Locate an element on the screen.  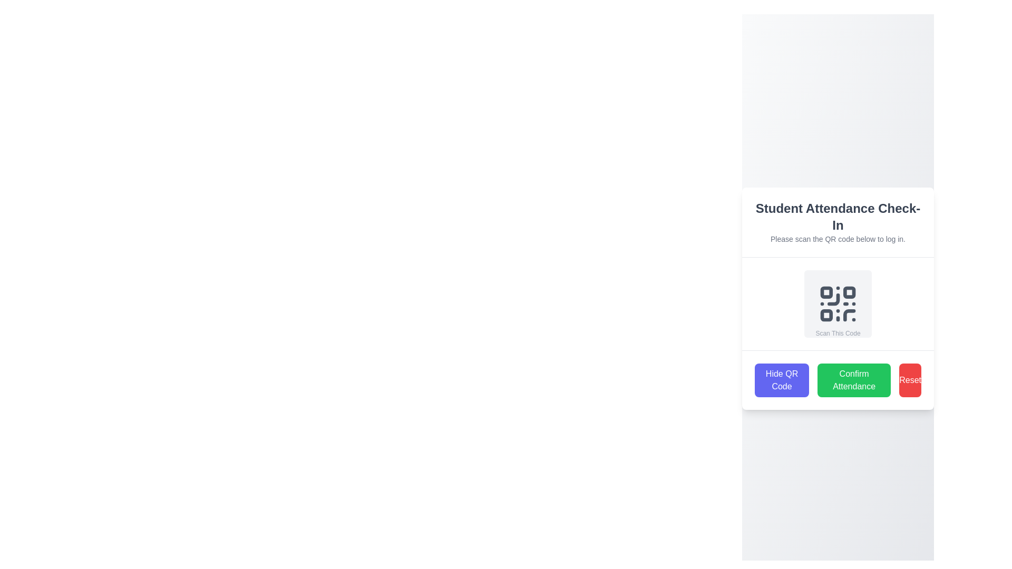
the small rounded square portion of the QR code icon located in the lower-right segment of the QR code graphic is located at coordinates (849, 315).